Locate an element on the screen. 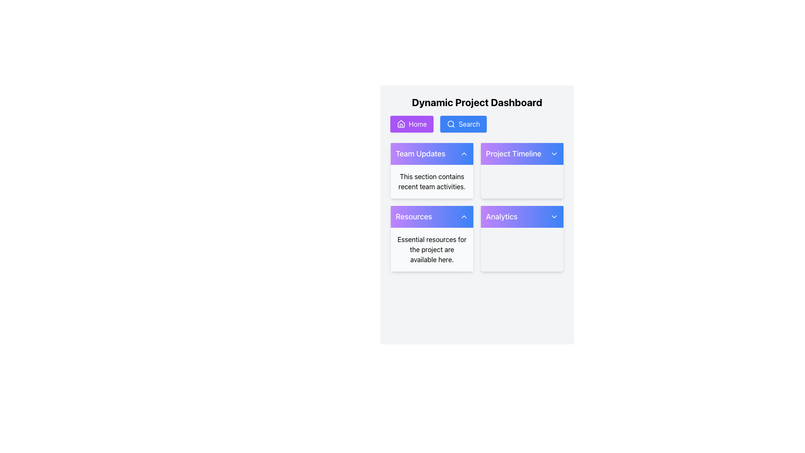  the text block with light gray background that contains the phrase 'Essential resources for the project are available here.' located at the lower section of the 'Resources' card is located at coordinates (432, 249).